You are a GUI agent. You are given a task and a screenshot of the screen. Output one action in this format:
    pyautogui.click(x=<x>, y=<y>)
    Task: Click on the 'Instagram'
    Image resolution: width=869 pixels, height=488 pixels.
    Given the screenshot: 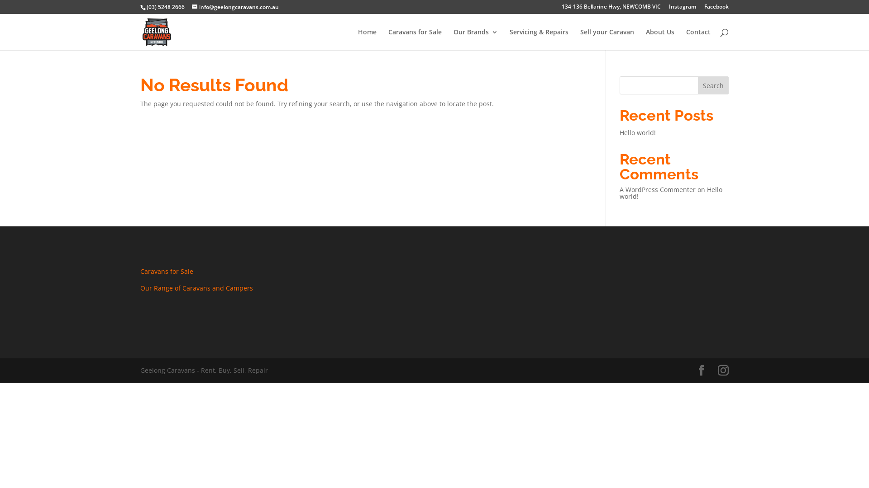 What is the action you would take?
    pyautogui.click(x=682, y=9)
    